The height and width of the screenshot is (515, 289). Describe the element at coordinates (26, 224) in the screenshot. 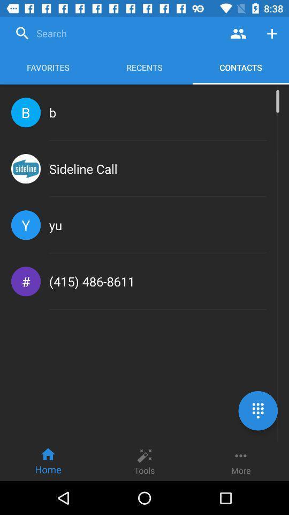

I see `the y item` at that location.